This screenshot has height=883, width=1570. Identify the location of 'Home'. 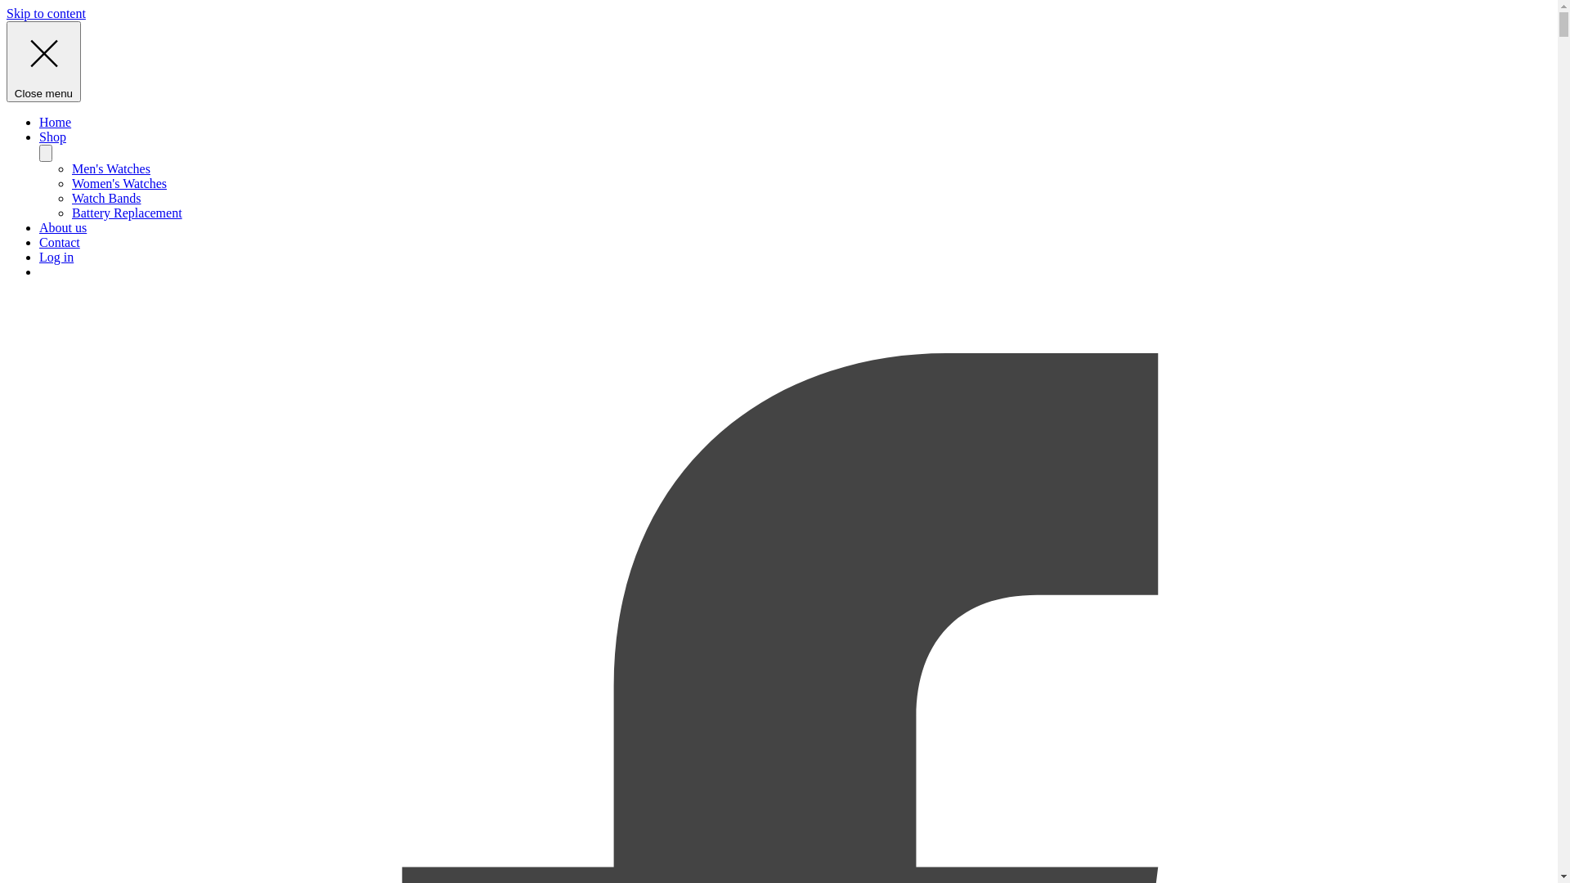
(55, 121).